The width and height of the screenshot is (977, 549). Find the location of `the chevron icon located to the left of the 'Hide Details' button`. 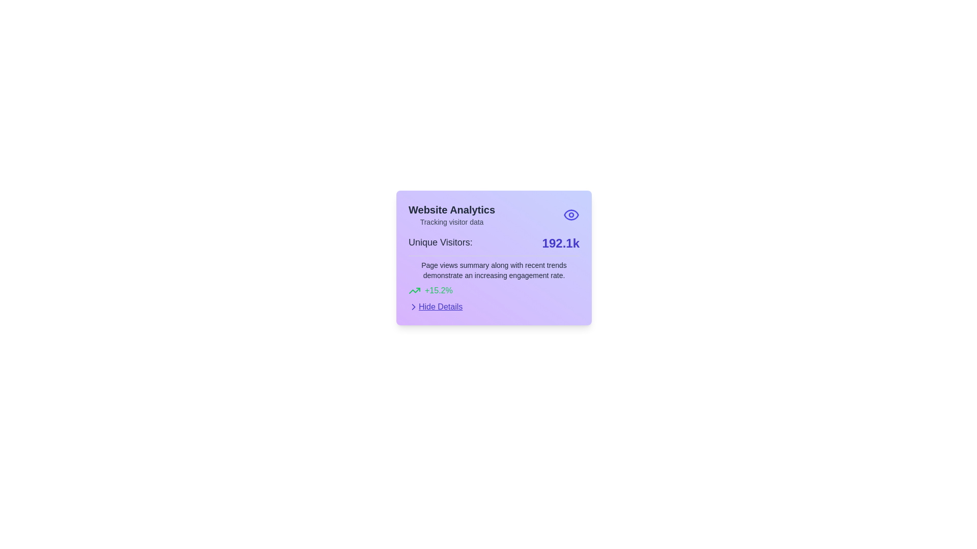

the chevron icon located to the left of the 'Hide Details' button is located at coordinates (413, 307).